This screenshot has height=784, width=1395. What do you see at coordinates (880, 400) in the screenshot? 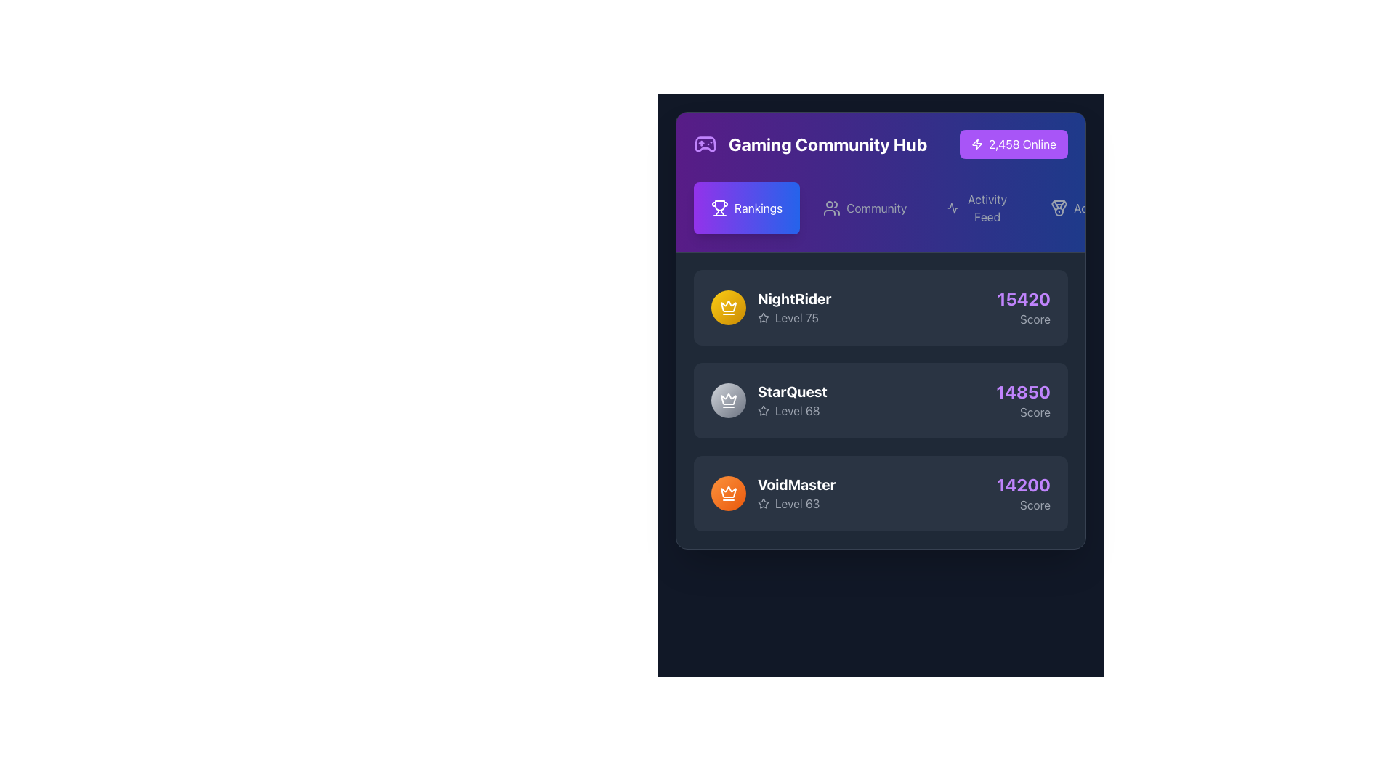
I see `the leaderboard entry display for 'StarQuest', which shows level 68 and score 14850, located as the second entry in the leaderboard` at bounding box center [880, 400].